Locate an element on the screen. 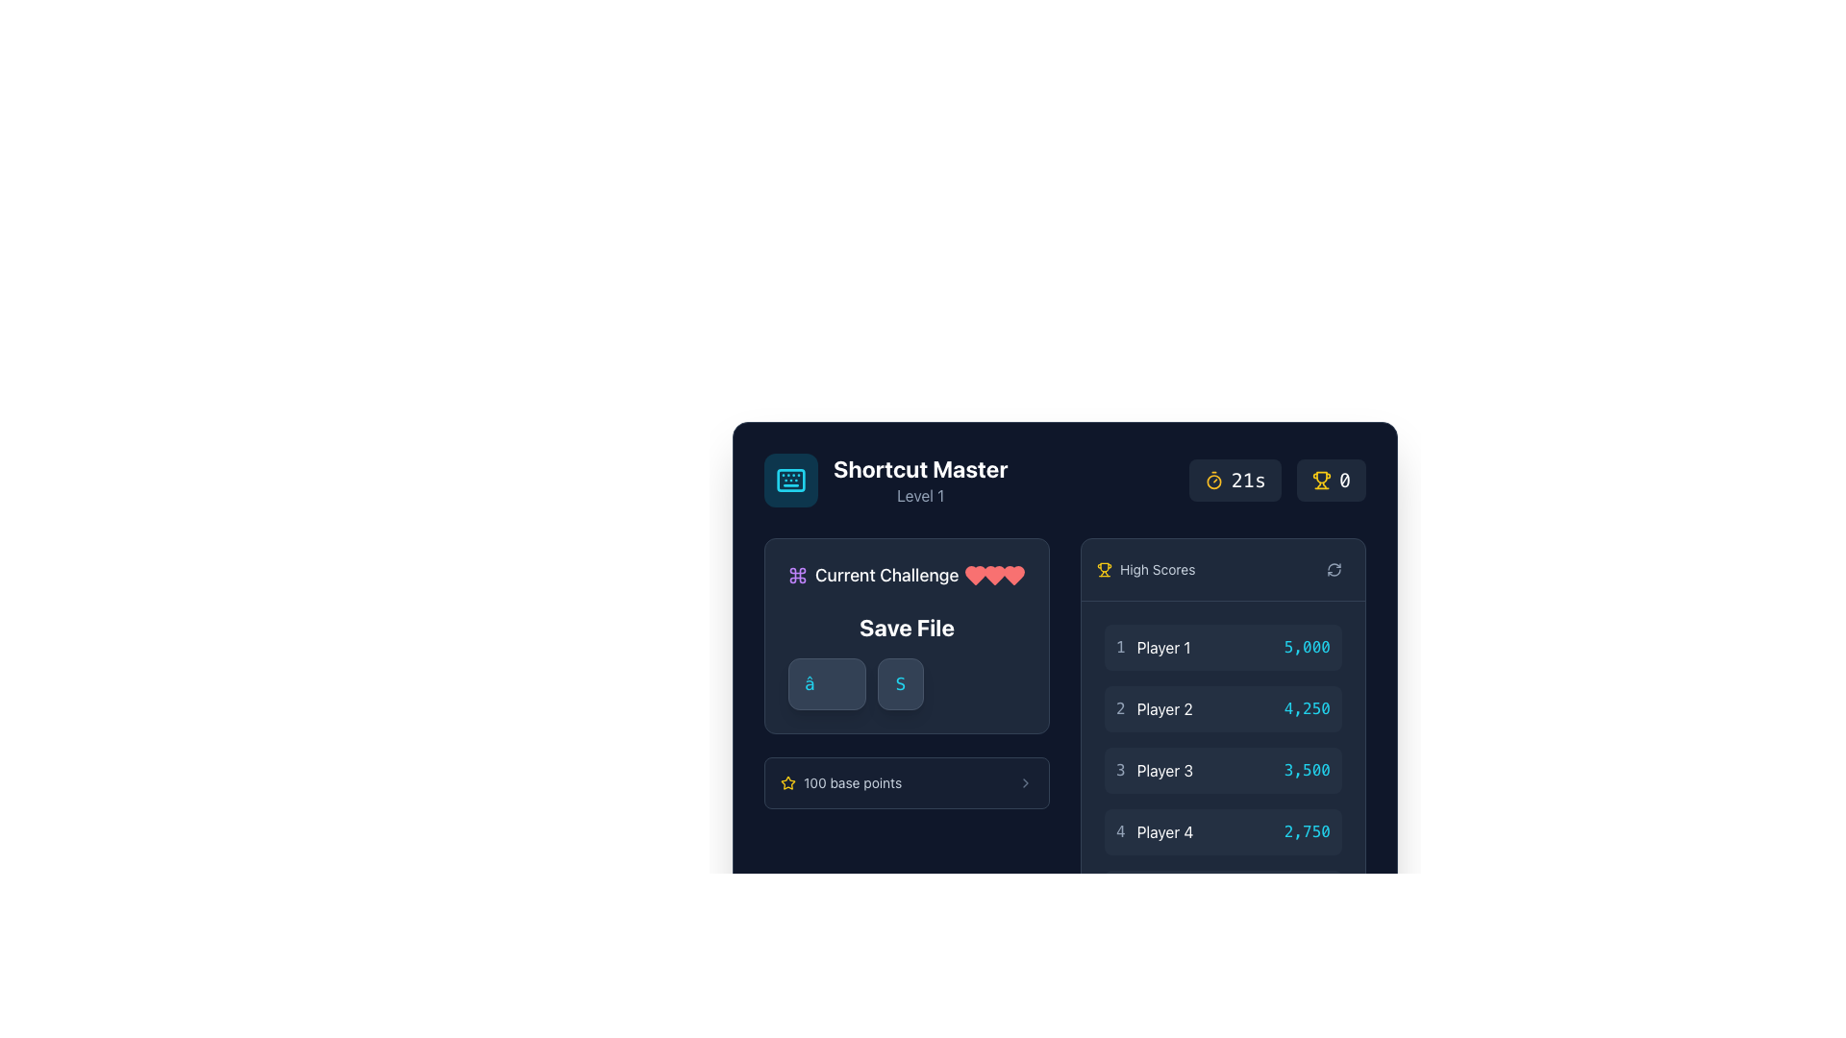  the Label/Text Display indicating 'Player 3' in the High Scores list, which is the third entry and adjacent to the number label '3' is located at coordinates (1163, 770).